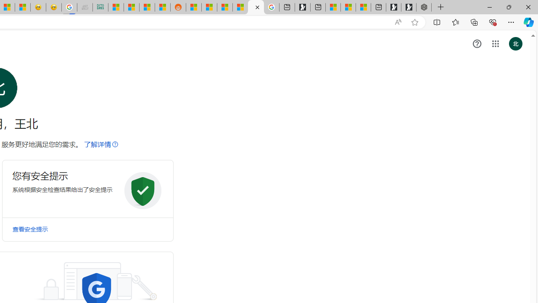 The width and height of the screenshot is (538, 303). Describe the element at coordinates (87, 188) in the screenshot. I see `'Class: RlFDUe N5YmOc kJXJmd bvW4md I6g62c'` at that location.